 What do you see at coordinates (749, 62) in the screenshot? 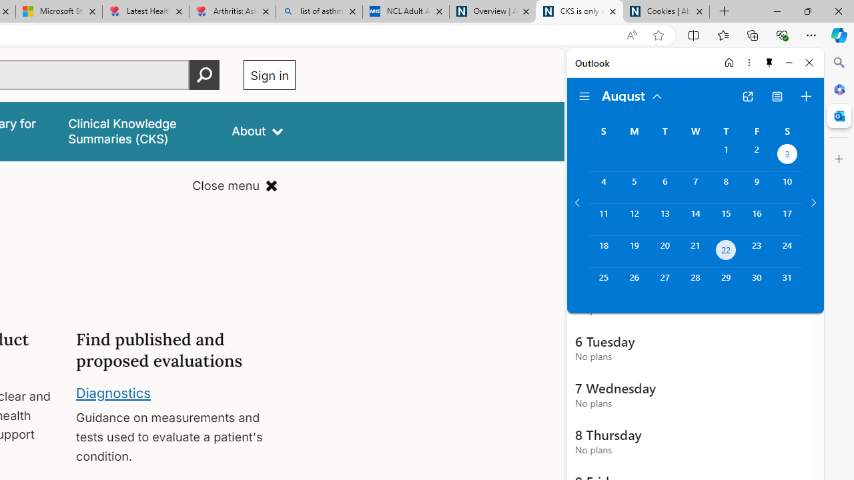
I see `'More options'` at bounding box center [749, 62].